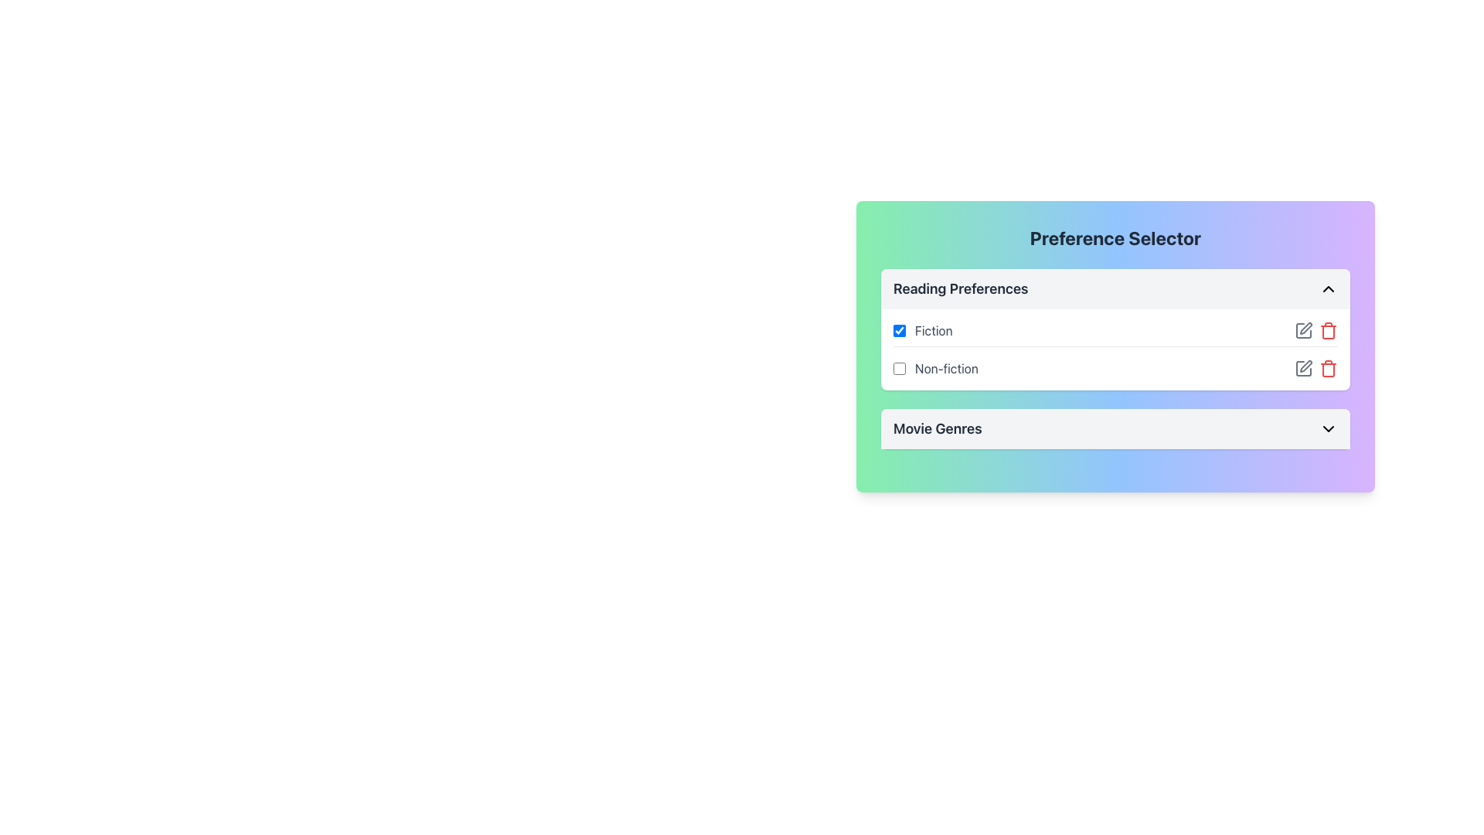  Describe the element at coordinates (1327, 289) in the screenshot. I see `the chevron arrow icon located at the top-right corner of the 'Reading Preferences' section` at that location.